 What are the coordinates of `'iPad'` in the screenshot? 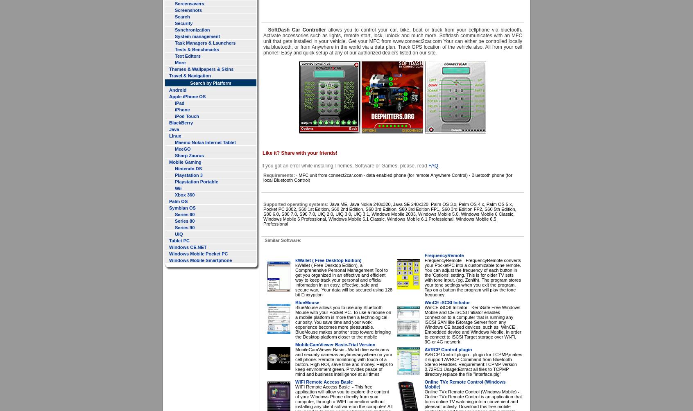 It's located at (179, 103).